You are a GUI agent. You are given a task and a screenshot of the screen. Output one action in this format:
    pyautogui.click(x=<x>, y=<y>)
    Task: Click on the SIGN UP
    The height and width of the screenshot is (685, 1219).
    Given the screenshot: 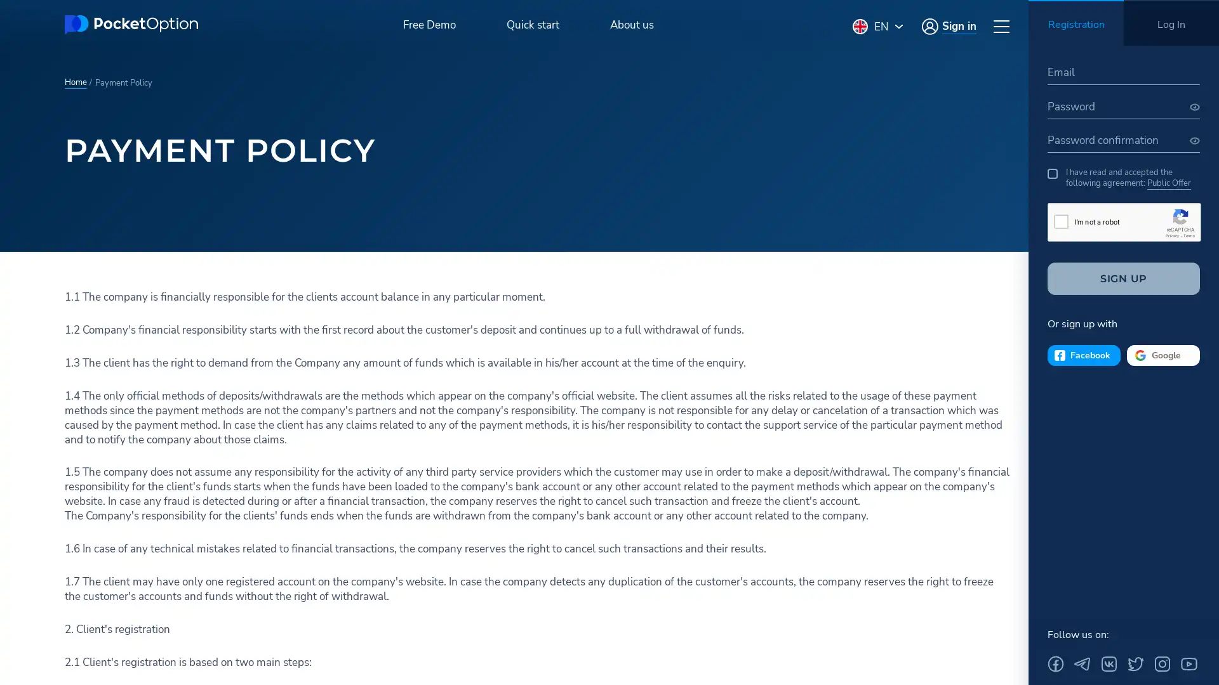 What is the action you would take?
    pyautogui.click(x=1124, y=278)
    